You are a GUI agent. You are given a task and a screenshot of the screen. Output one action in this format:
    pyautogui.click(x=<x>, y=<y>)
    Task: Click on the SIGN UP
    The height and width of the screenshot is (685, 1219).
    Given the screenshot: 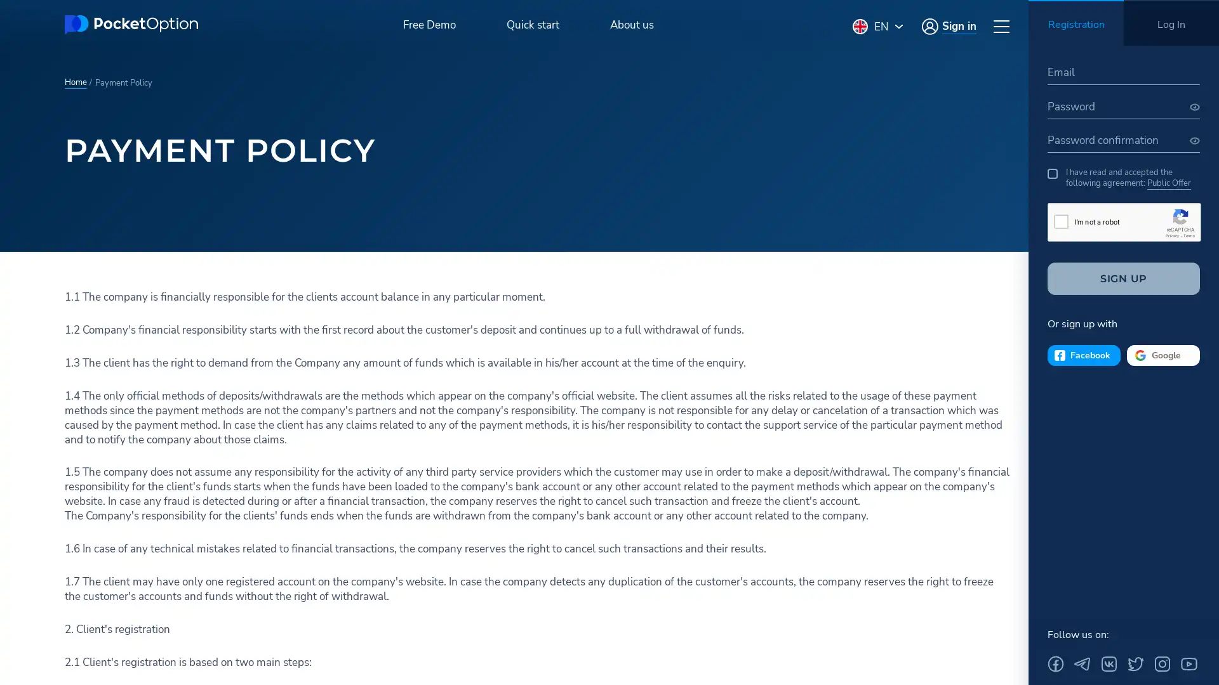 What is the action you would take?
    pyautogui.click(x=1124, y=278)
    